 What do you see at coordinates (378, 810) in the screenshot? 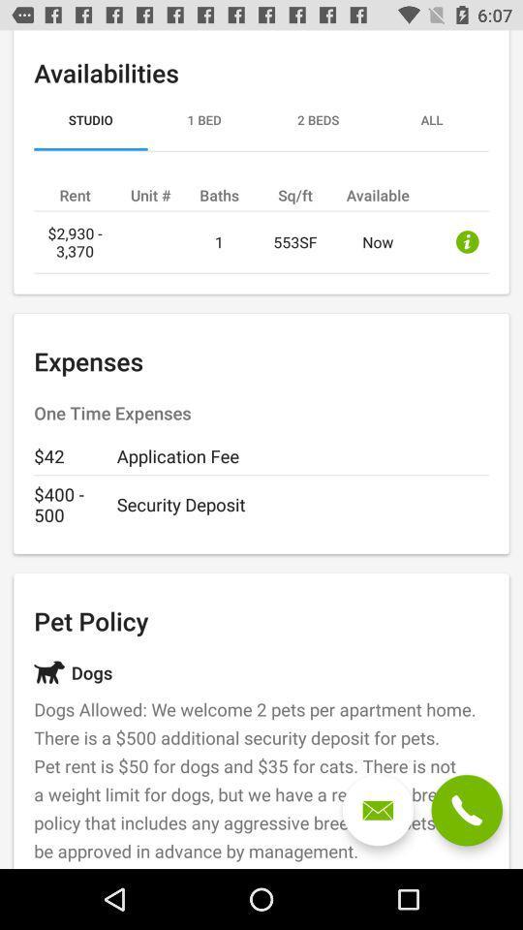
I see `the email icon` at bounding box center [378, 810].